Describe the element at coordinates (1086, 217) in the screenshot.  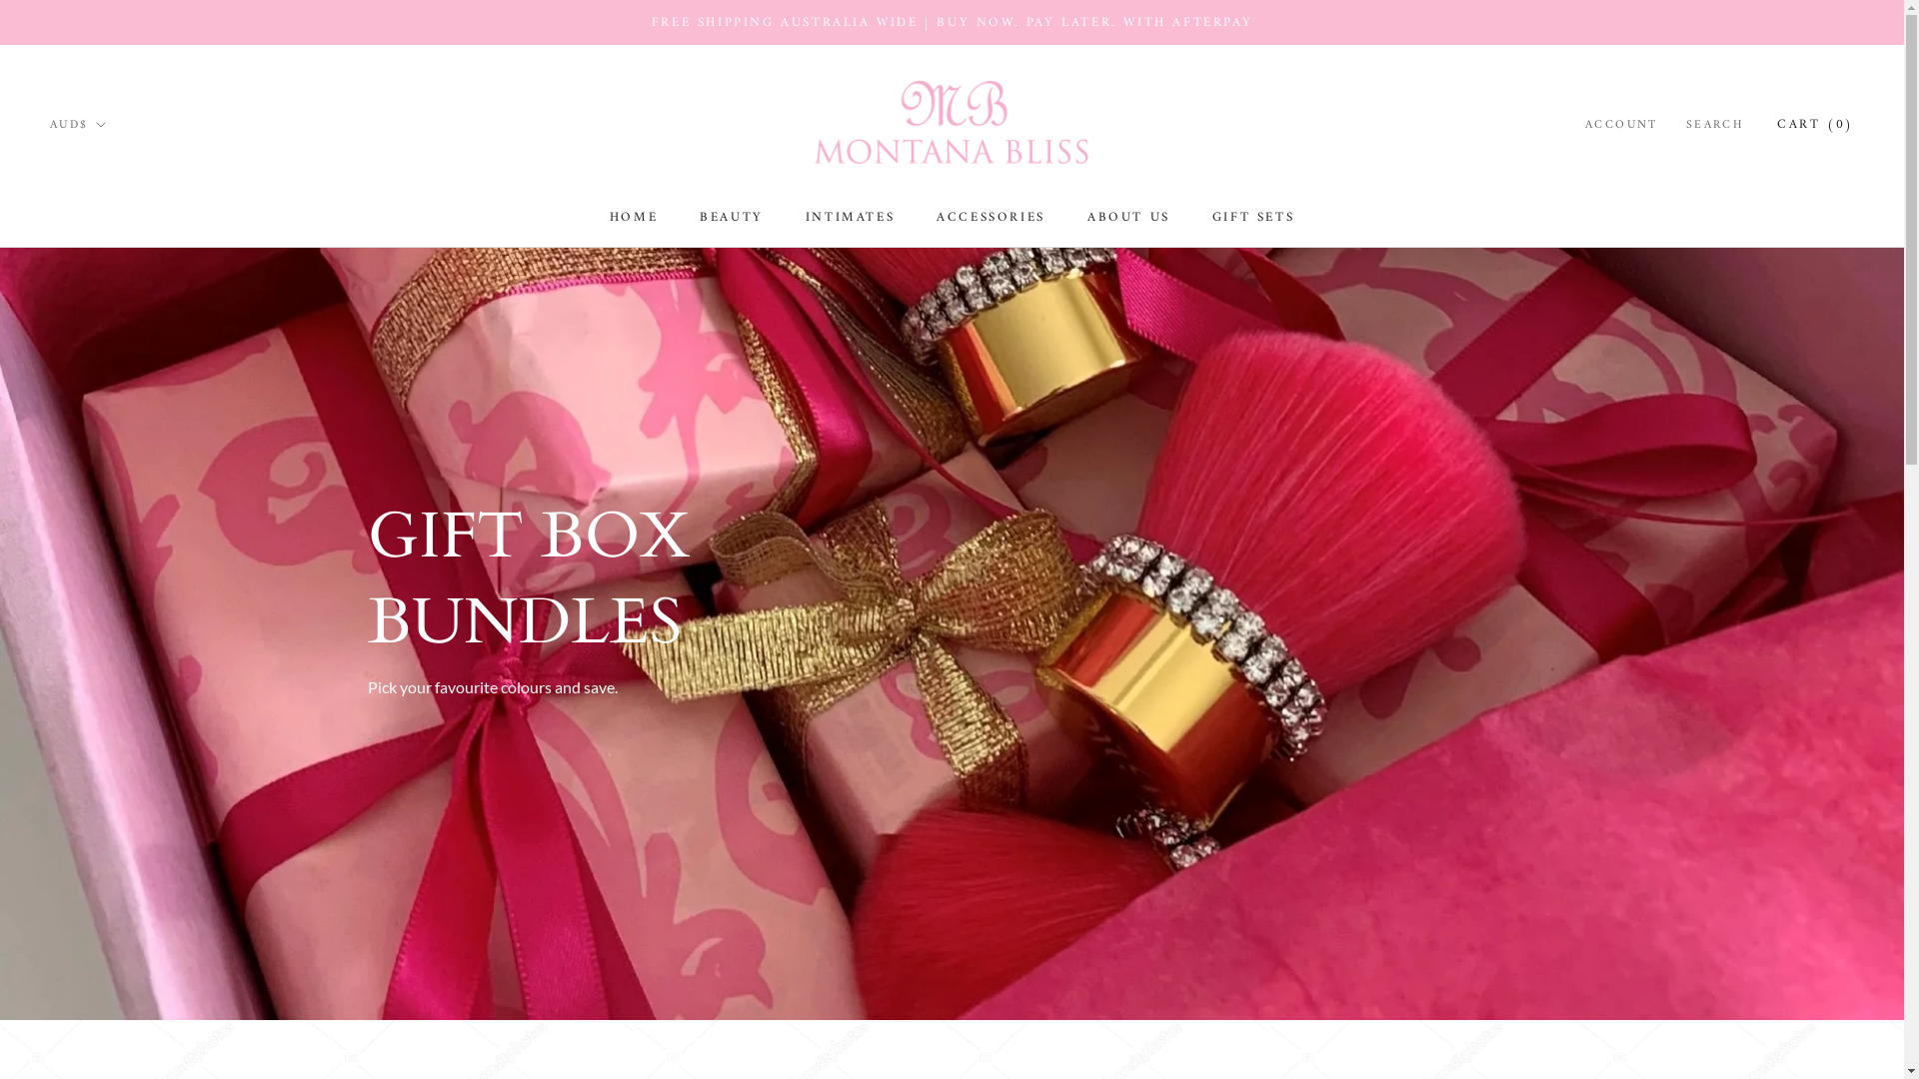
I see `'ABOUT US` at that location.